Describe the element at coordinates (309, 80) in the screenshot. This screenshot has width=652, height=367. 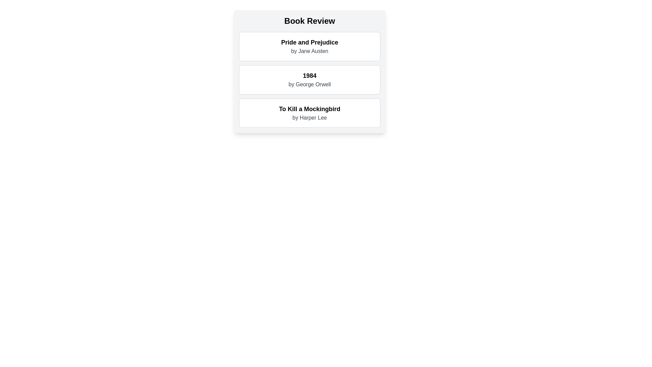
I see `the grid layout containing book titles and author names` at that location.